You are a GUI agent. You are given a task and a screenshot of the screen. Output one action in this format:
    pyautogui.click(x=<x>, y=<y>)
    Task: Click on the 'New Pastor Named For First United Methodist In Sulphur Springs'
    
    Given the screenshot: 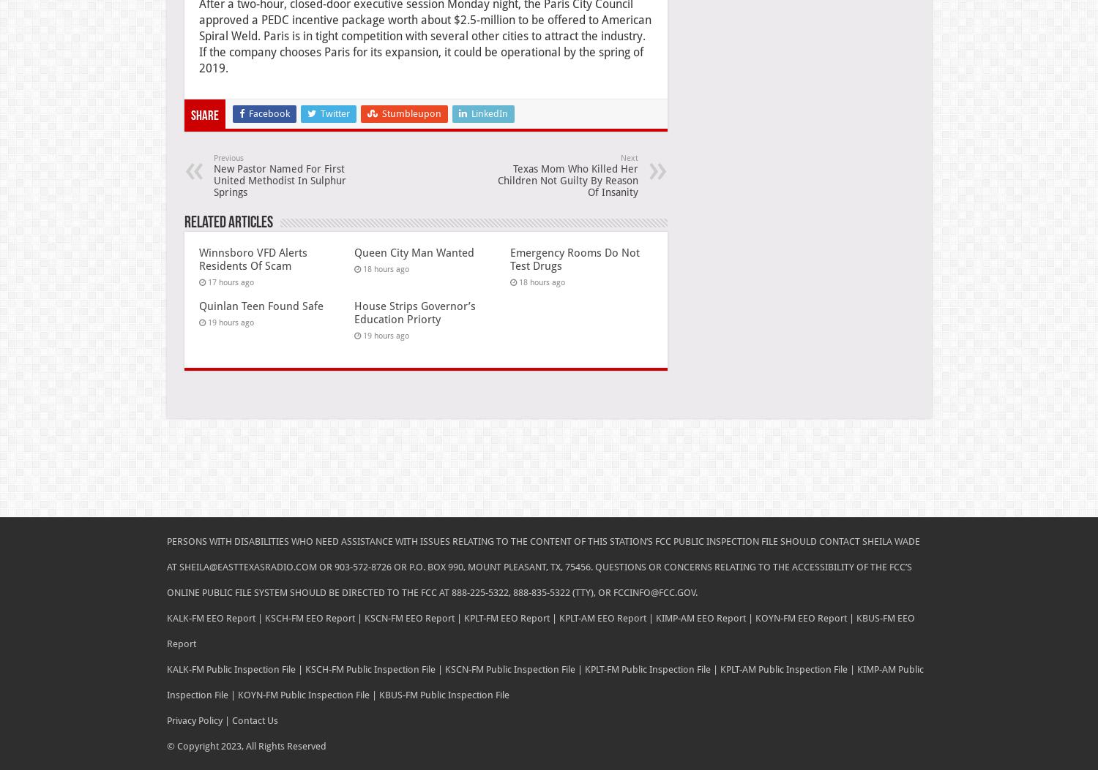 What is the action you would take?
    pyautogui.click(x=279, y=178)
    